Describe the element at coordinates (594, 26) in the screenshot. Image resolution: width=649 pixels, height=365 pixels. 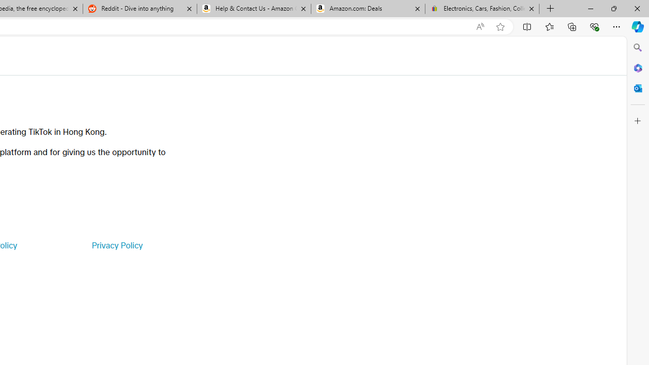
I see `'Browser essentials'` at that location.